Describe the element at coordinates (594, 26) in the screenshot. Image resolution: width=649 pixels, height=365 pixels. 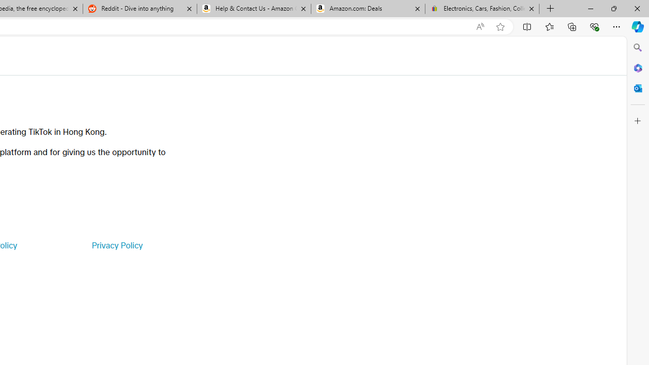
I see `'Browser essentials'` at that location.